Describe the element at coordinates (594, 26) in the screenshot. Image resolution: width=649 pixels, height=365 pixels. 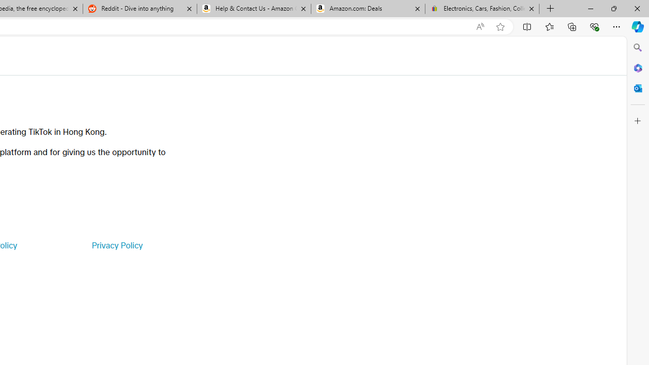
I see `'Browser essentials'` at that location.